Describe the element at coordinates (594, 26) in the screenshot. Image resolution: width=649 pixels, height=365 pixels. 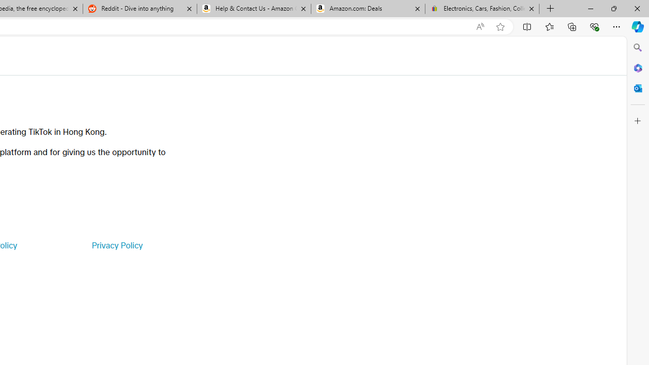
I see `'Browser essentials'` at that location.